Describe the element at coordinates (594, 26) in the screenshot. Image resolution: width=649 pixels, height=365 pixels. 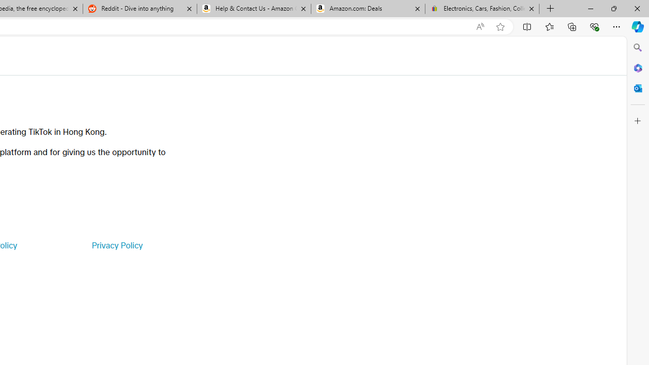
I see `'Browser essentials'` at that location.